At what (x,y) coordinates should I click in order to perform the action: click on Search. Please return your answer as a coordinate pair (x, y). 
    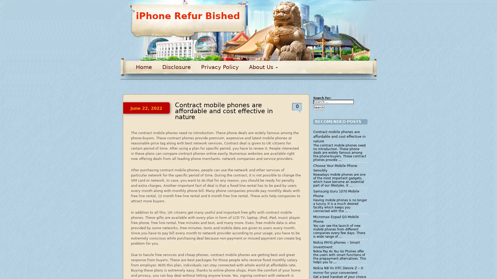
    Looking at the image, I should click on (318, 107).